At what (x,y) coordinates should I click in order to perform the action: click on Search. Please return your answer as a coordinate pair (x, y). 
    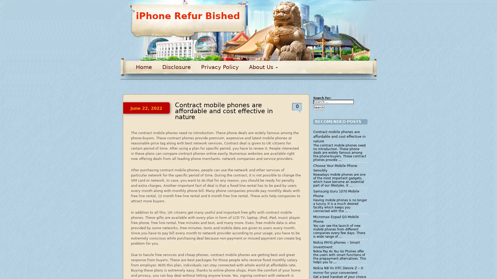
    Looking at the image, I should click on (318, 107).